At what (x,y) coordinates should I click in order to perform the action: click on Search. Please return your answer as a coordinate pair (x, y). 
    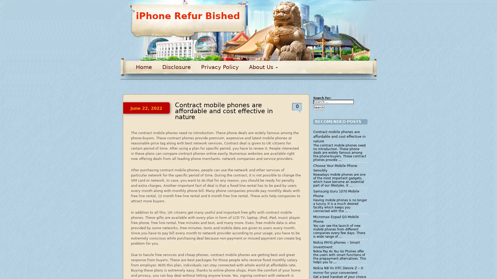
    Looking at the image, I should click on (318, 107).